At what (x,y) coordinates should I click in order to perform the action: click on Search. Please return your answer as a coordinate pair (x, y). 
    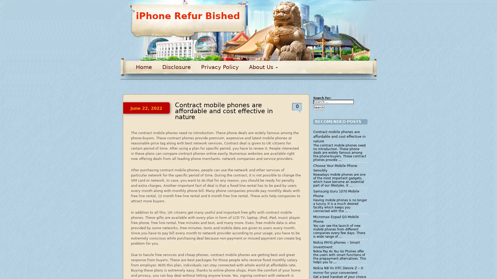
    Looking at the image, I should click on (318, 107).